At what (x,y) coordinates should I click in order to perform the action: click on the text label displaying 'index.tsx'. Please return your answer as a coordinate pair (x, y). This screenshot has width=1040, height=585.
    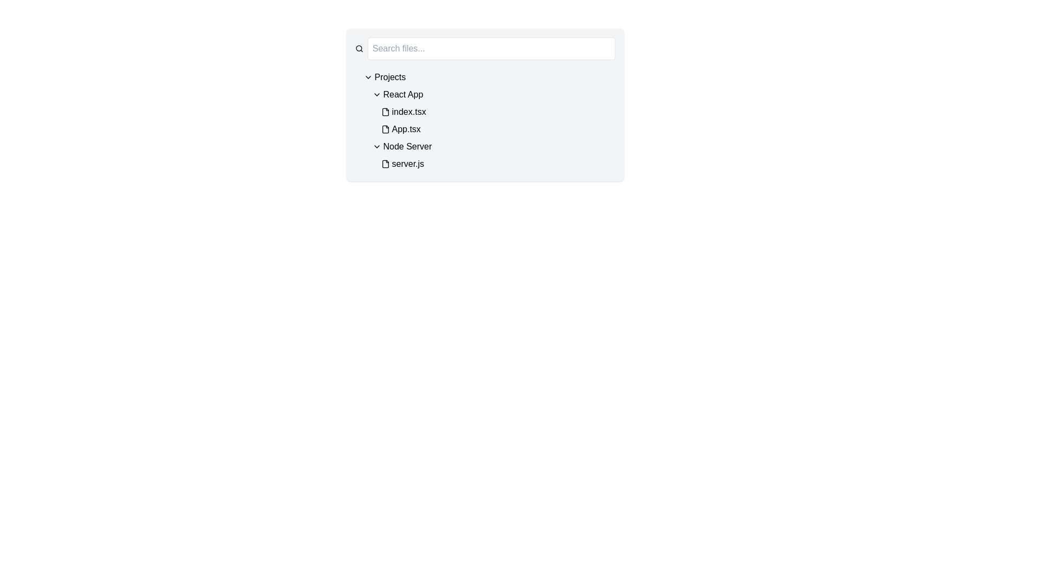
    Looking at the image, I should click on (408, 112).